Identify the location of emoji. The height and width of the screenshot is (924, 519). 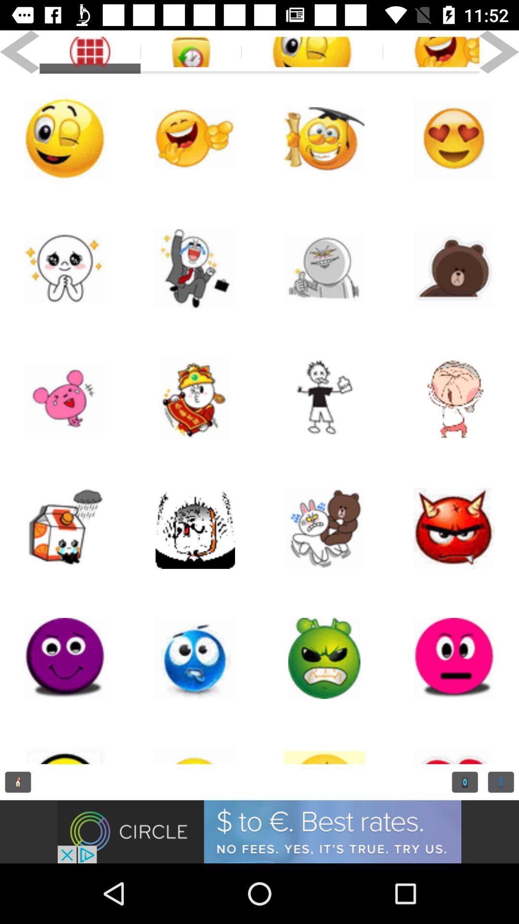
(454, 268).